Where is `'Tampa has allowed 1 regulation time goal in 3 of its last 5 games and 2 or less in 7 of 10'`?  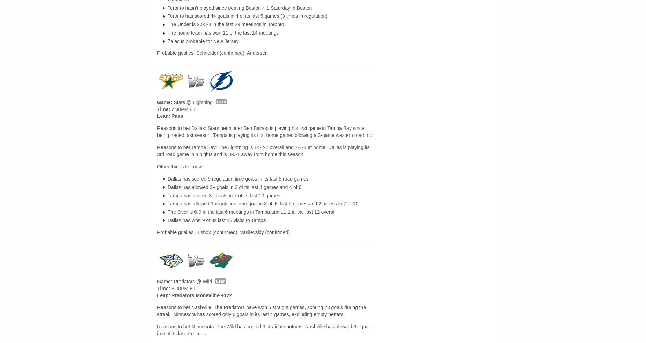 'Tampa has allowed 1 regulation time goal in 3 of its last 5 games and 2 or less in 7 of 10' is located at coordinates (168, 203).